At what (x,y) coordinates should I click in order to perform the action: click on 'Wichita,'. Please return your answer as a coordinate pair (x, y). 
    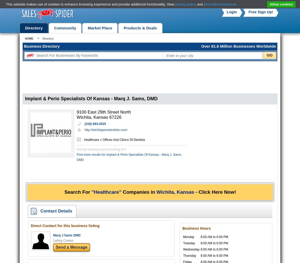
    Looking at the image, I should click on (84, 117).